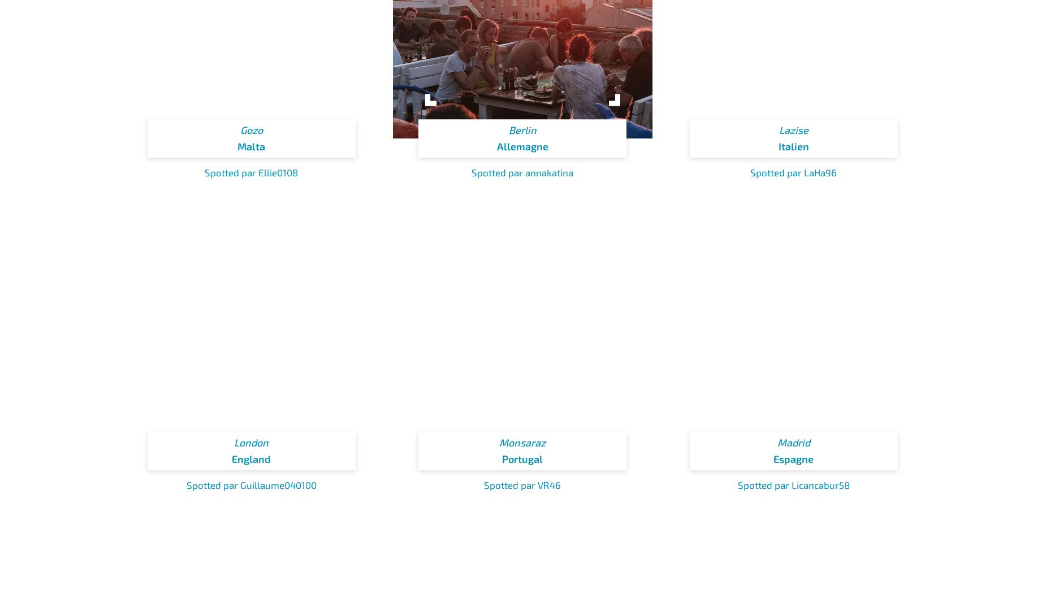 Image resolution: width=1046 pixels, height=607 pixels. What do you see at coordinates (250, 129) in the screenshot?
I see `'Gozo'` at bounding box center [250, 129].